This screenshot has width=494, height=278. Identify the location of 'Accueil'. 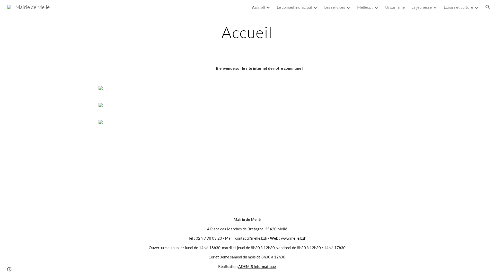
(258, 7).